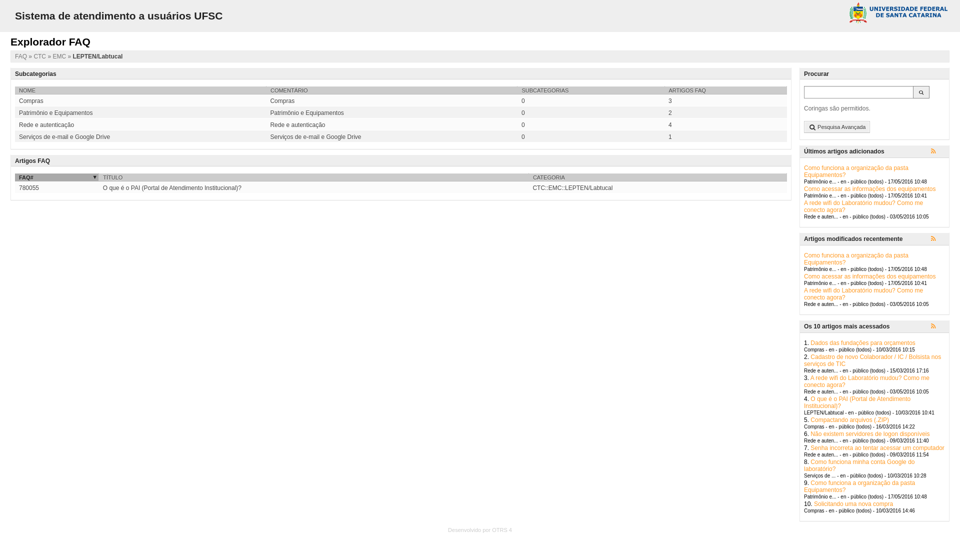  Describe the element at coordinates (21, 56) in the screenshot. I see `'FAQ'` at that location.